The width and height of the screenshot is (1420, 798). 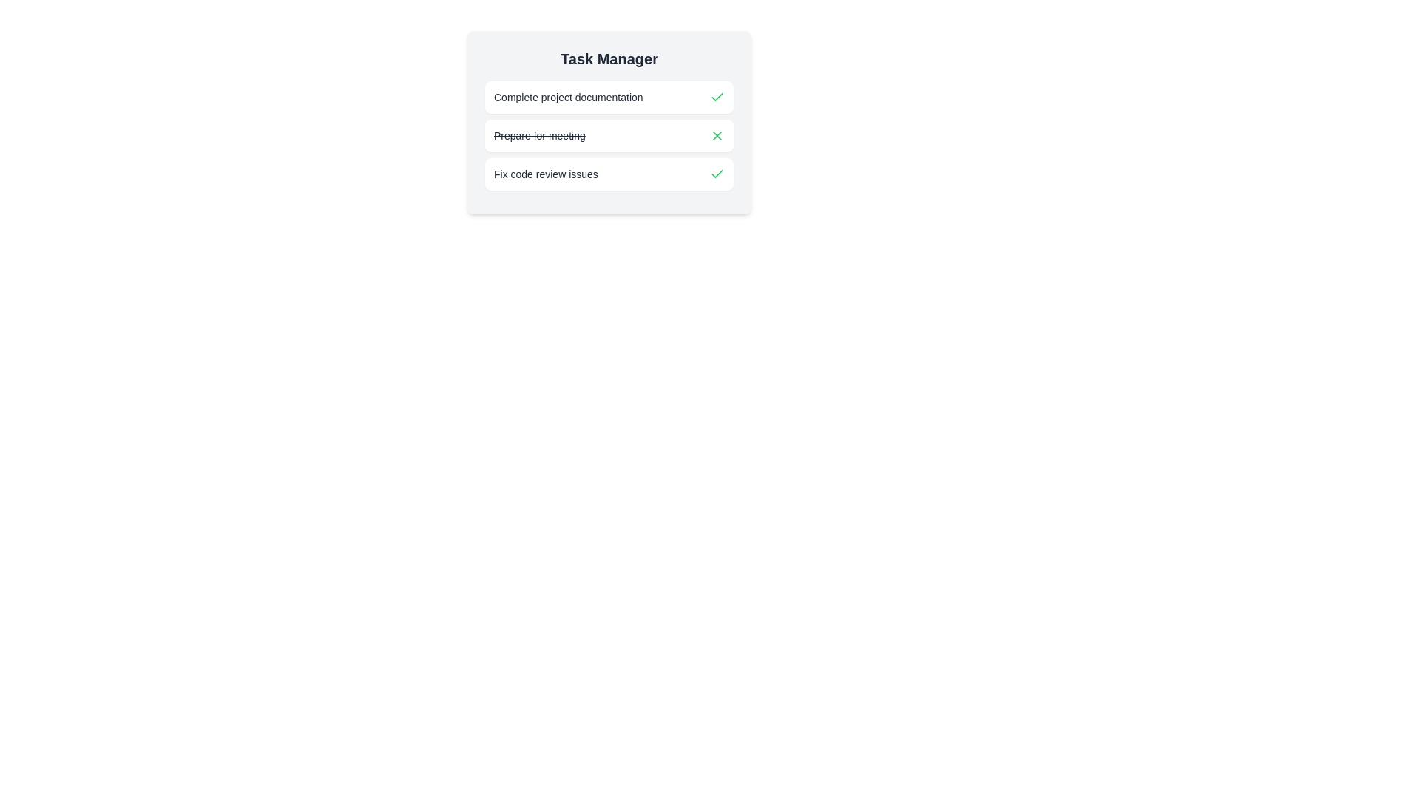 I want to click on the checkbox styled as an icon for keyboard interaction, located on the far right of the row labeled 'Fix code review issues', so click(x=717, y=173).